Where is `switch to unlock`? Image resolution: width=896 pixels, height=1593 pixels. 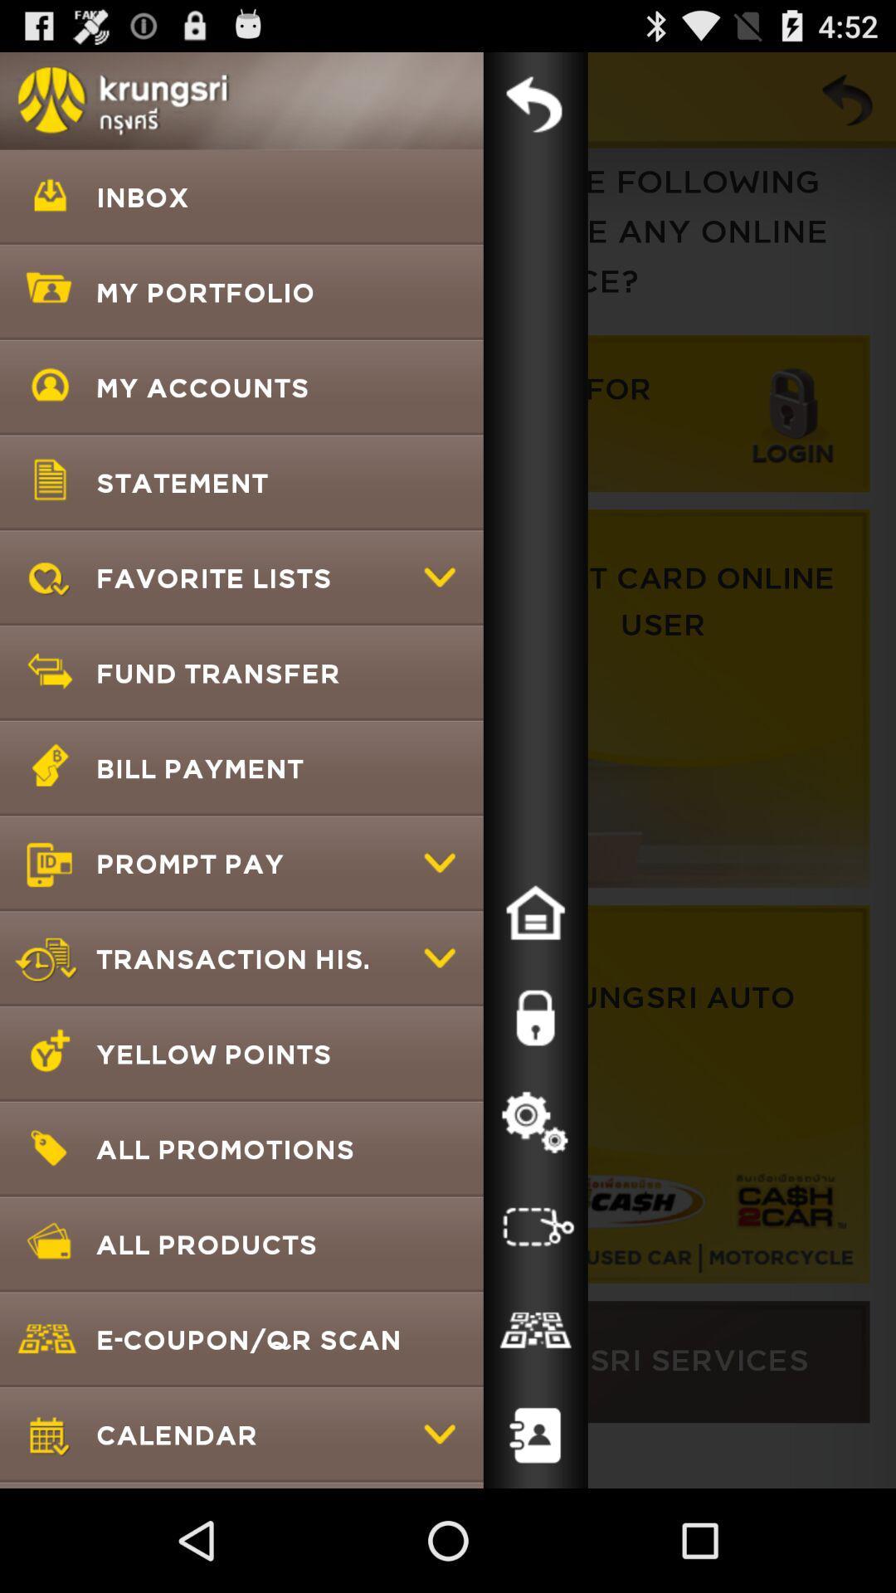
switch to unlock is located at coordinates (535, 1017).